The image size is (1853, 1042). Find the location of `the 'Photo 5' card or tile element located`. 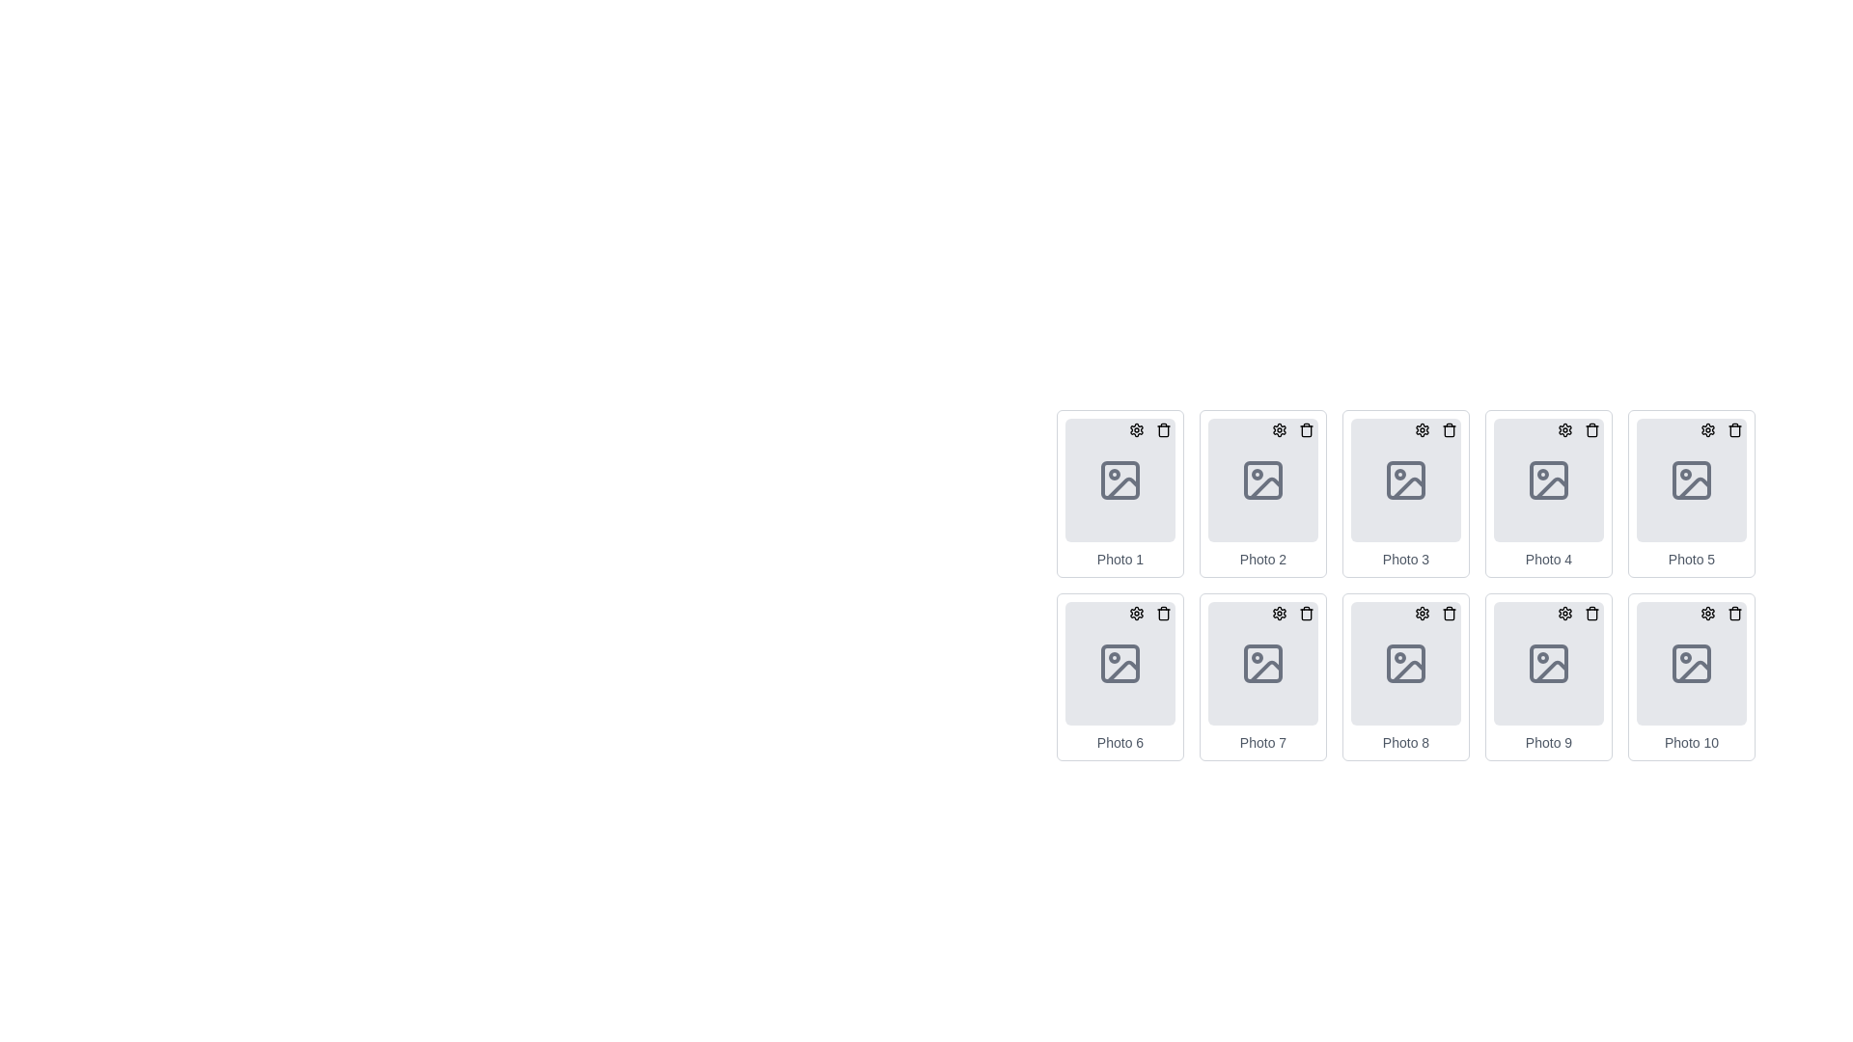

the 'Photo 5' card or tile element located is located at coordinates (1690, 493).